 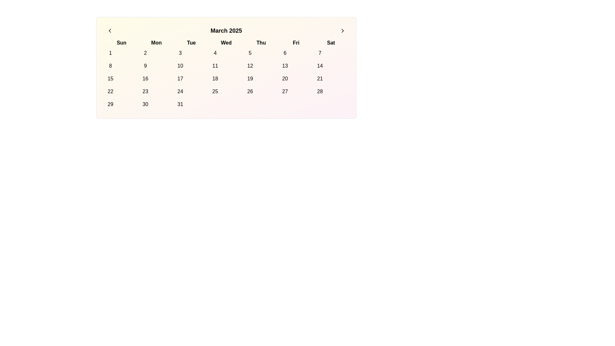 What do you see at coordinates (226, 43) in the screenshot?
I see `the text label indicating the name of the third day of the week in the calendar layout, which is the fourth weekday label in a row of seven, positioned centrally within the calendar interface header` at bounding box center [226, 43].